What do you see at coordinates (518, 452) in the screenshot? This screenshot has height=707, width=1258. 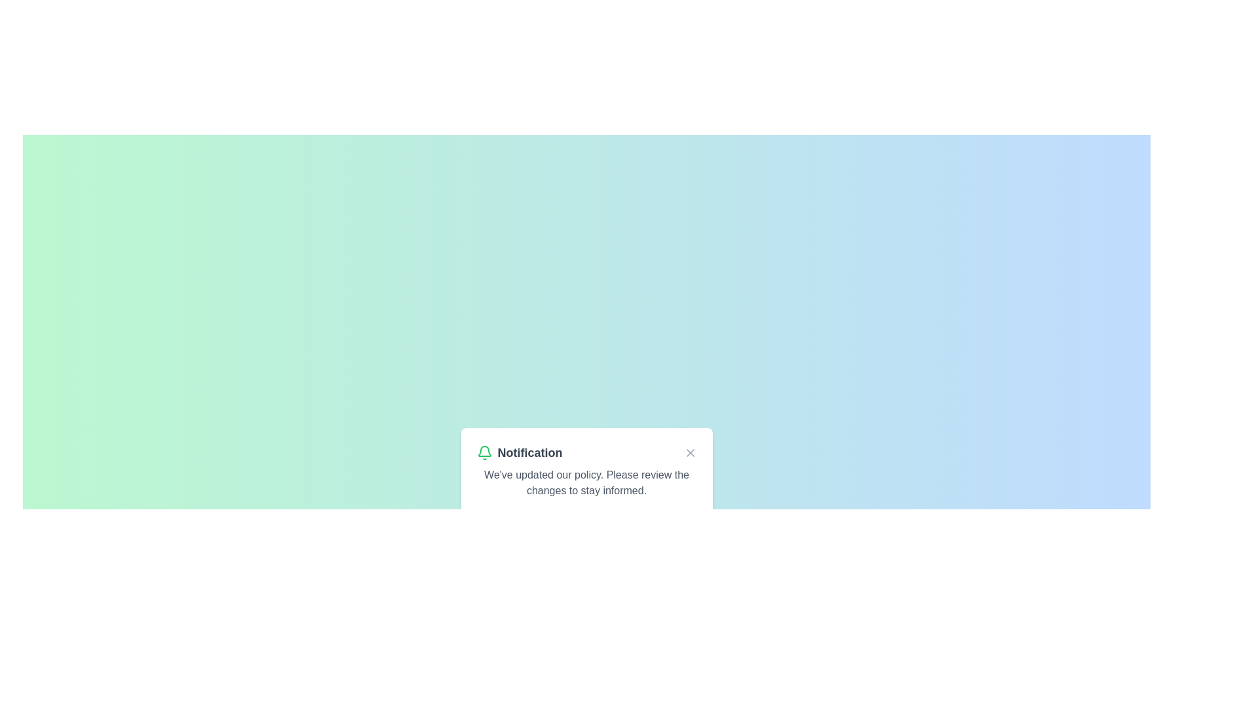 I see `text label 'Notification' which is a bold label adjacent to a green bell icon in the notification header` at bounding box center [518, 452].